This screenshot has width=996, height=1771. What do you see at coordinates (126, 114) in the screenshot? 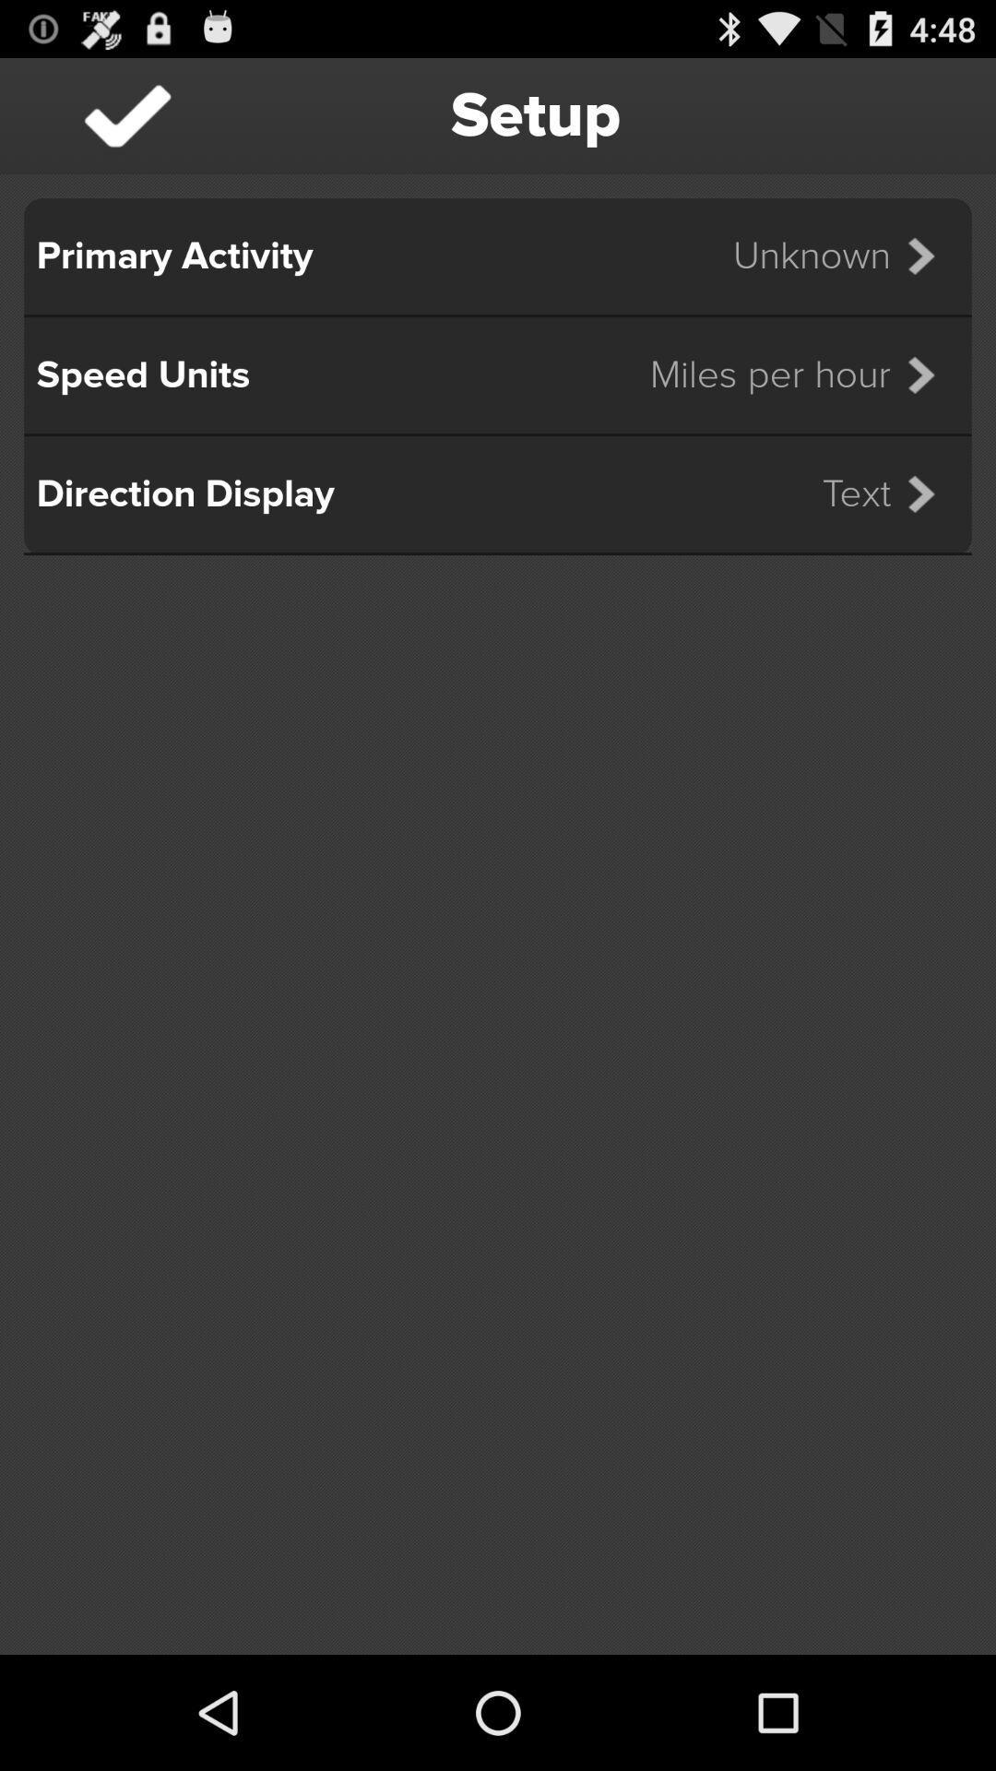
I see `the icon above primary activity item` at bounding box center [126, 114].